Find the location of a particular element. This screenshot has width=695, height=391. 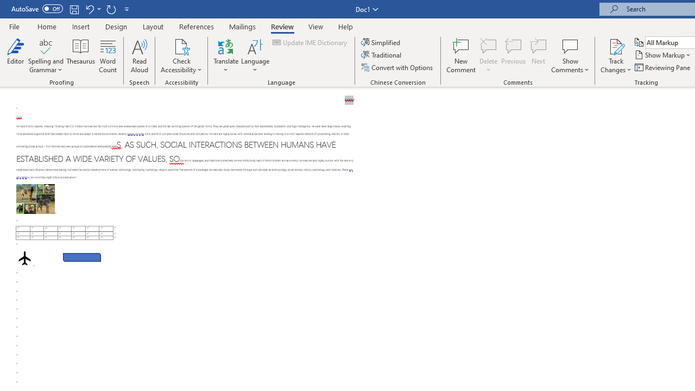

'References' is located at coordinates (197, 26).